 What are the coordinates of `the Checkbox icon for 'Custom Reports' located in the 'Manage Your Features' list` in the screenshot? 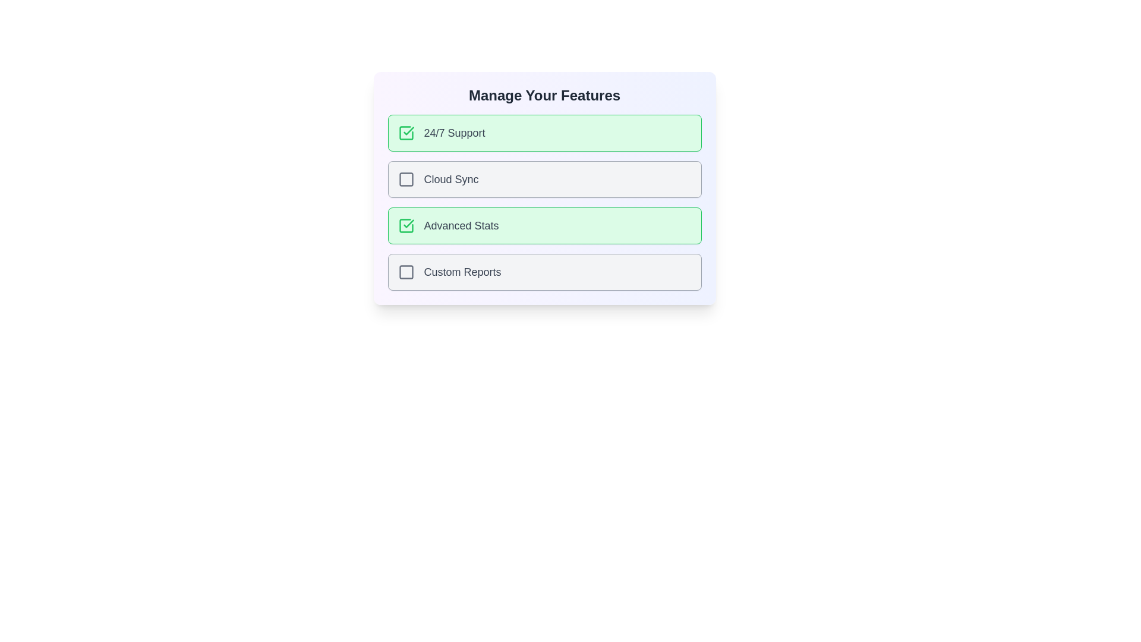 It's located at (406, 272).